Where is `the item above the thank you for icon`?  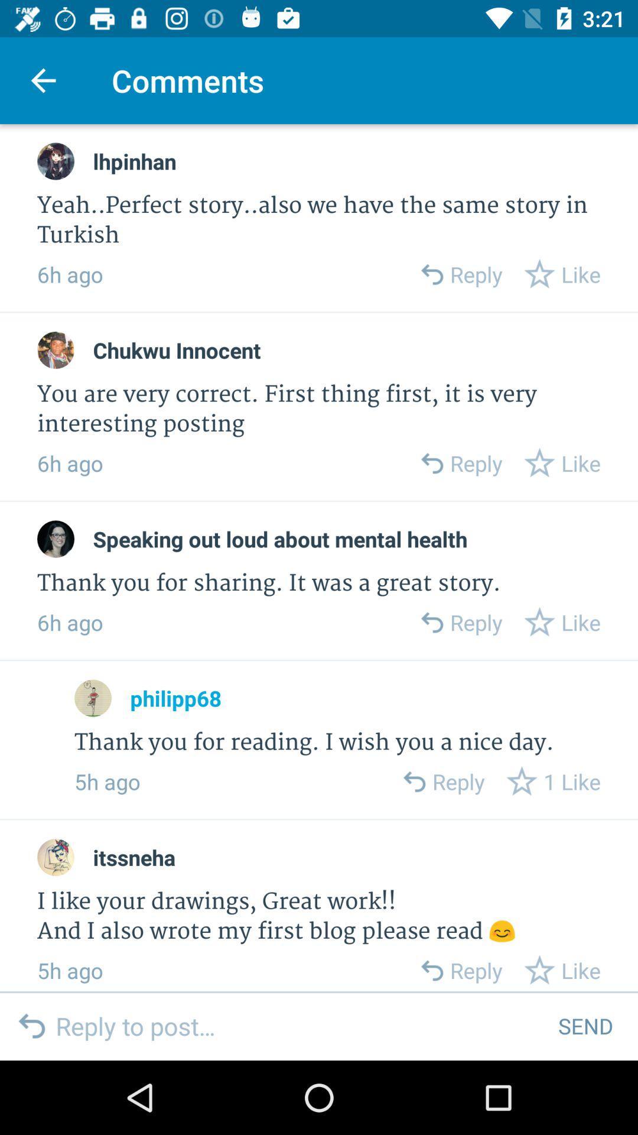
the item above the thank you for icon is located at coordinates (280, 539).